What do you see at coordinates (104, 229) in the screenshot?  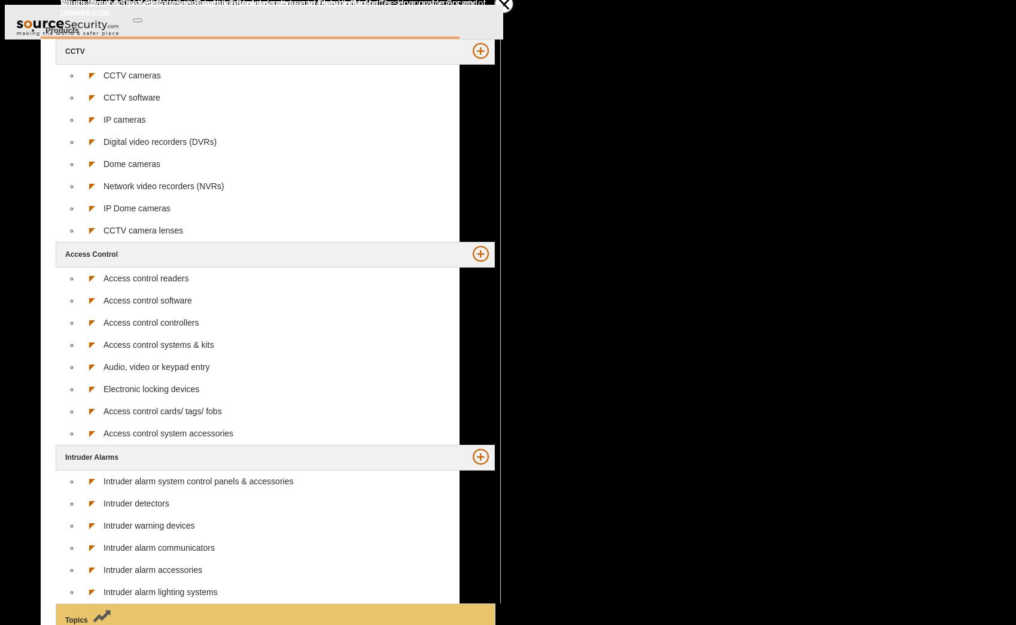 I see `'CCTV camera lenses'` at bounding box center [104, 229].